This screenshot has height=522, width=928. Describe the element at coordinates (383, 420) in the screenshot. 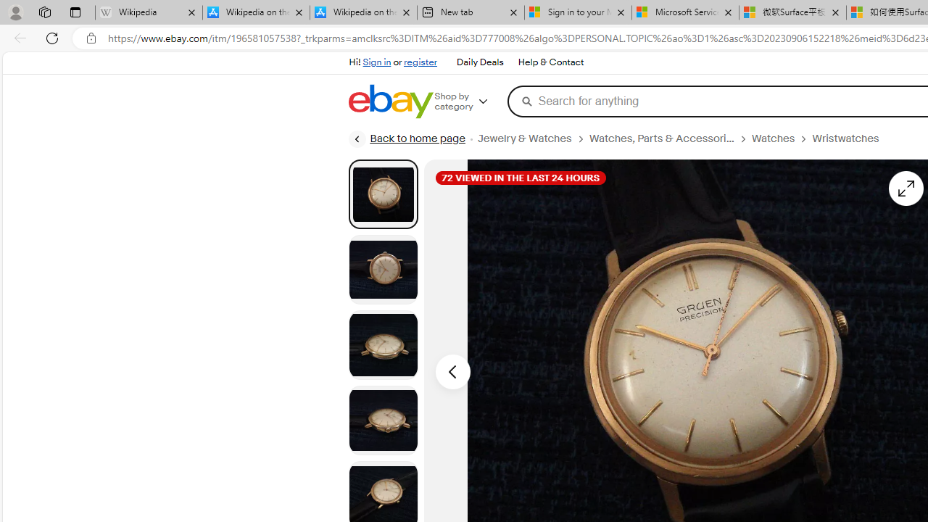

I see `'Picture 4 of 8'` at that location.